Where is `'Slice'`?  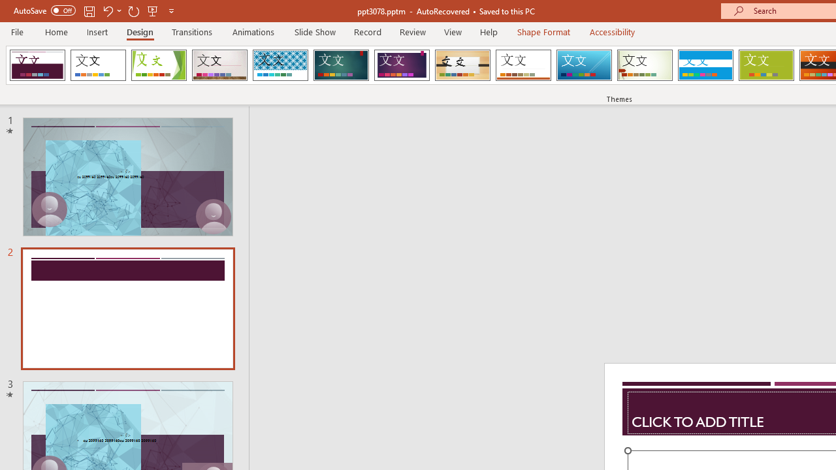
'Slice' is located at coordinates (583, 65).